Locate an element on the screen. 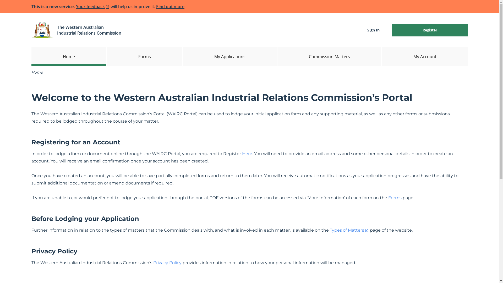 The image size is (503, 283). 'Sign In' is located at coordinates (373, 30).